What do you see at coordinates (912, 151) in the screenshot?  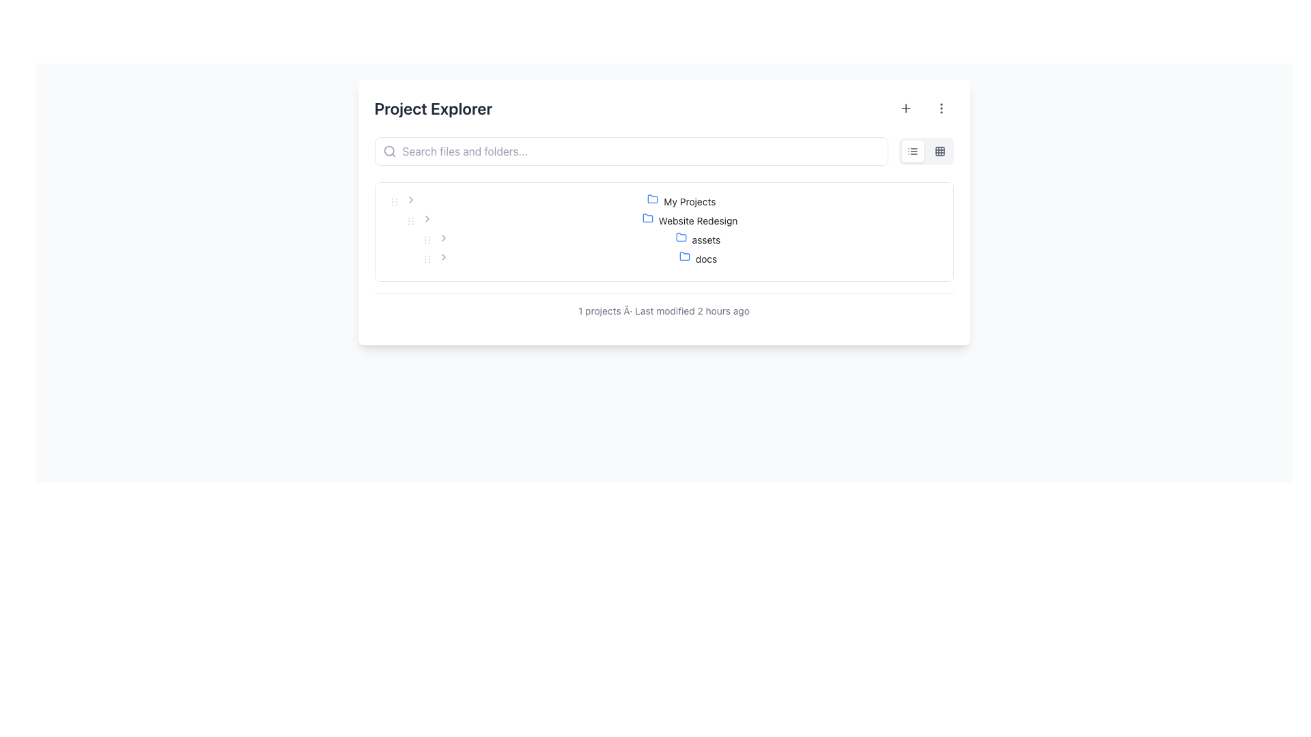 I see `the button that toggles the list view for displayed content located in the toolbar section on the top right of the interface, adjacent to a grid button` at bounding box center [912, 151].